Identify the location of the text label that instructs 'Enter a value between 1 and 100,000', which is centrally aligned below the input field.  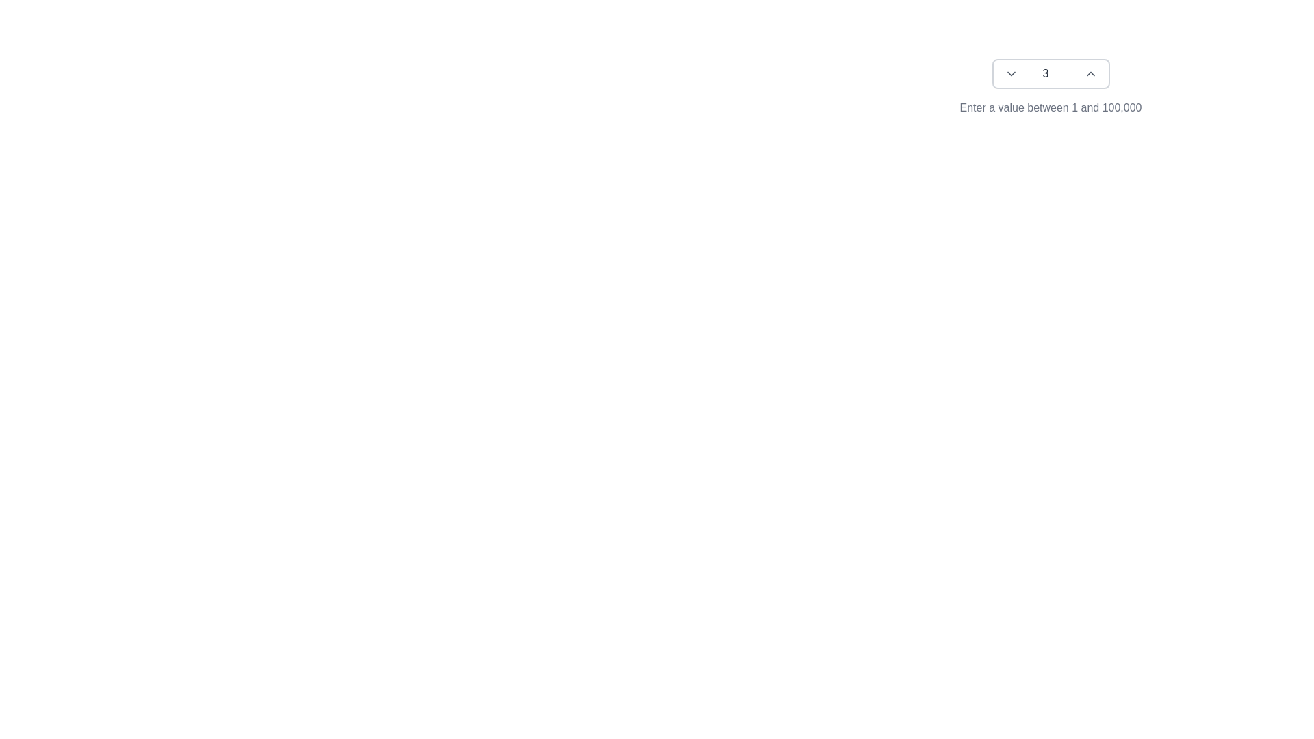
(1050, 107).